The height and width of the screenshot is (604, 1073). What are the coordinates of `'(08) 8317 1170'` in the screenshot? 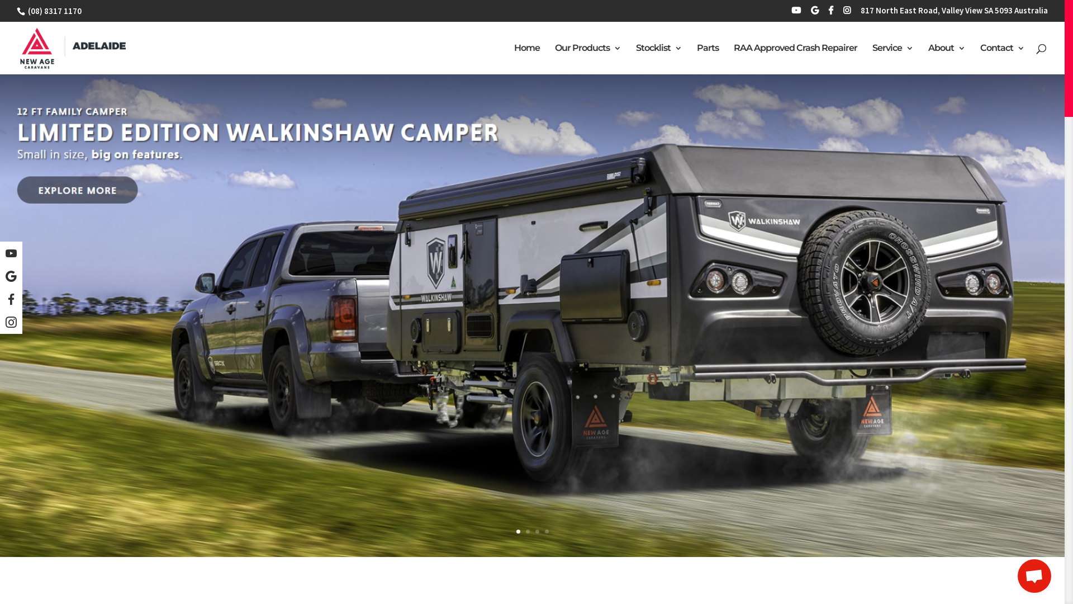 It's located at (53, 11).